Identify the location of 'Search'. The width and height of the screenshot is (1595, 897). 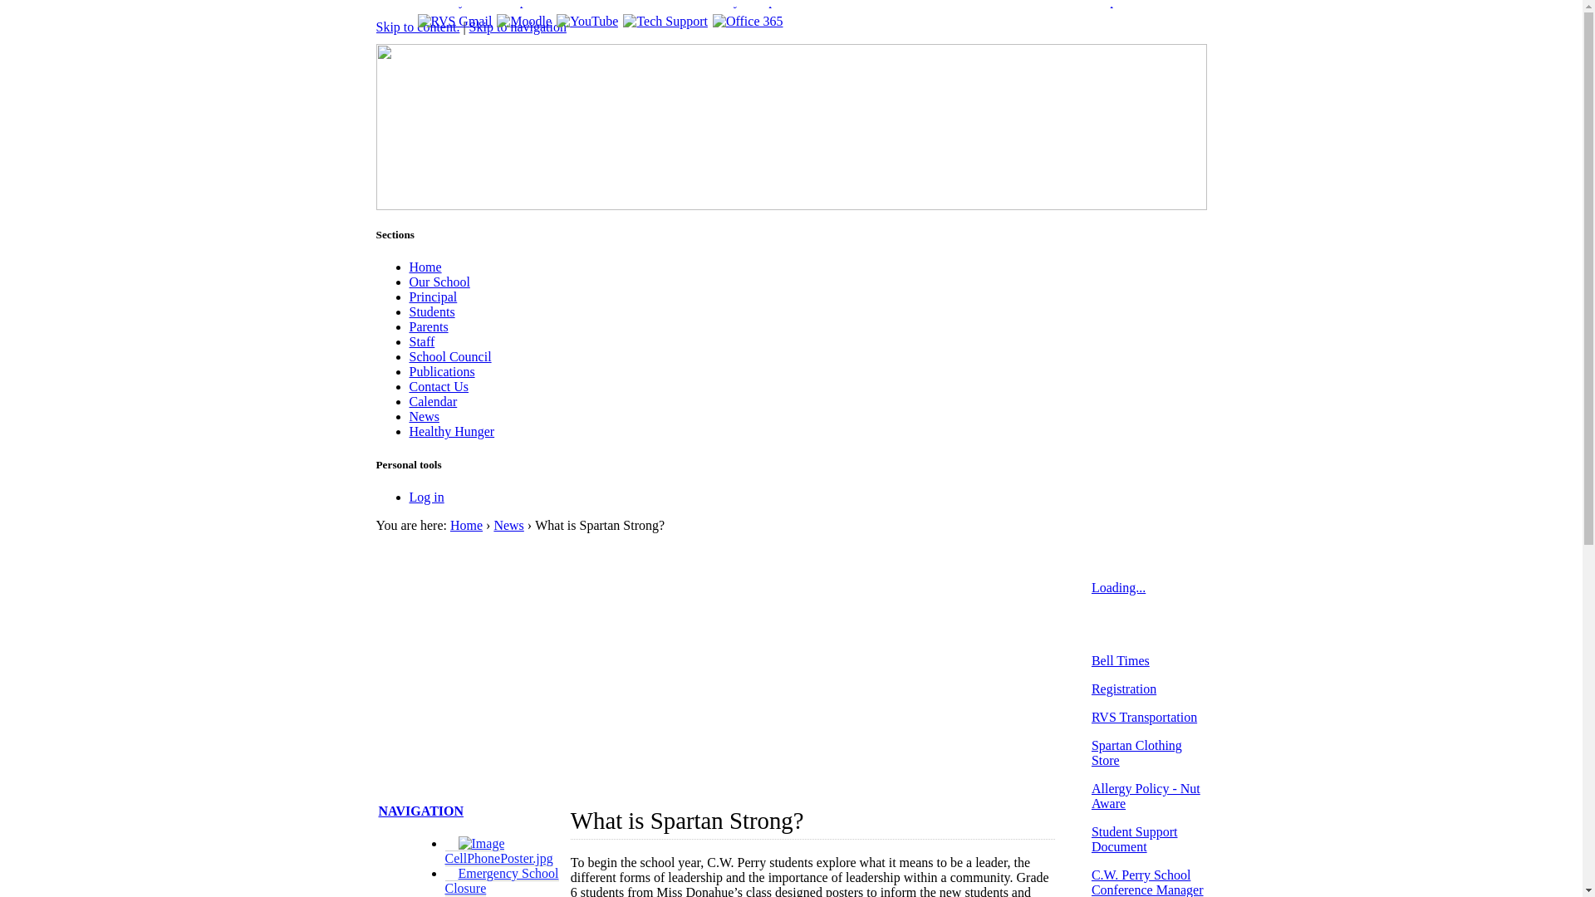
(1175, 61).